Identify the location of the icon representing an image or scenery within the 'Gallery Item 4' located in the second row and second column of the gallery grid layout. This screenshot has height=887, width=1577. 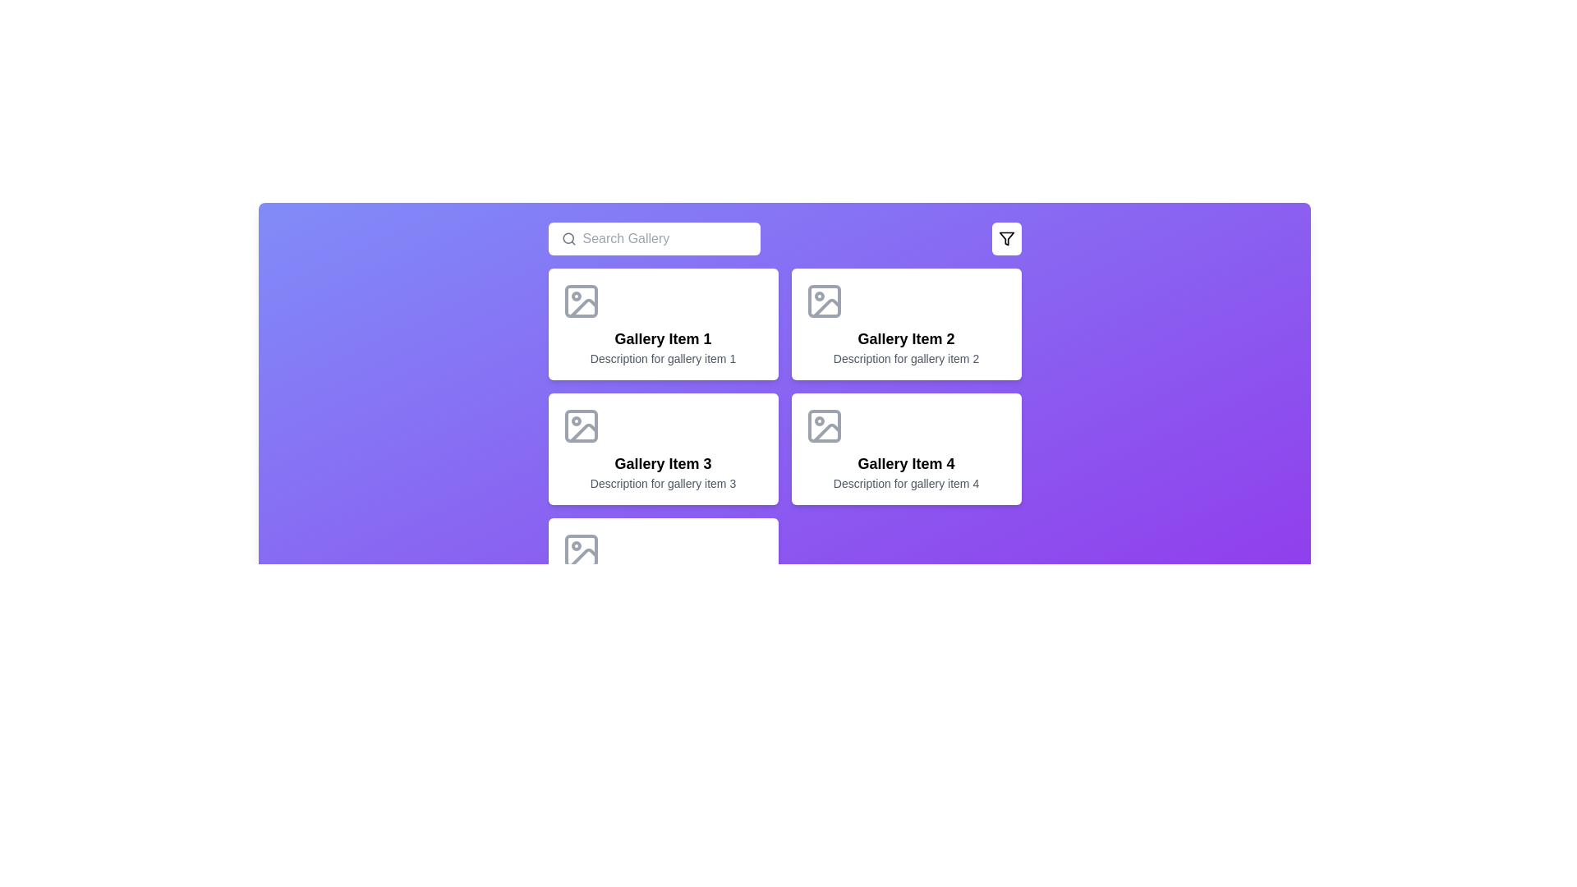
(826, 432).